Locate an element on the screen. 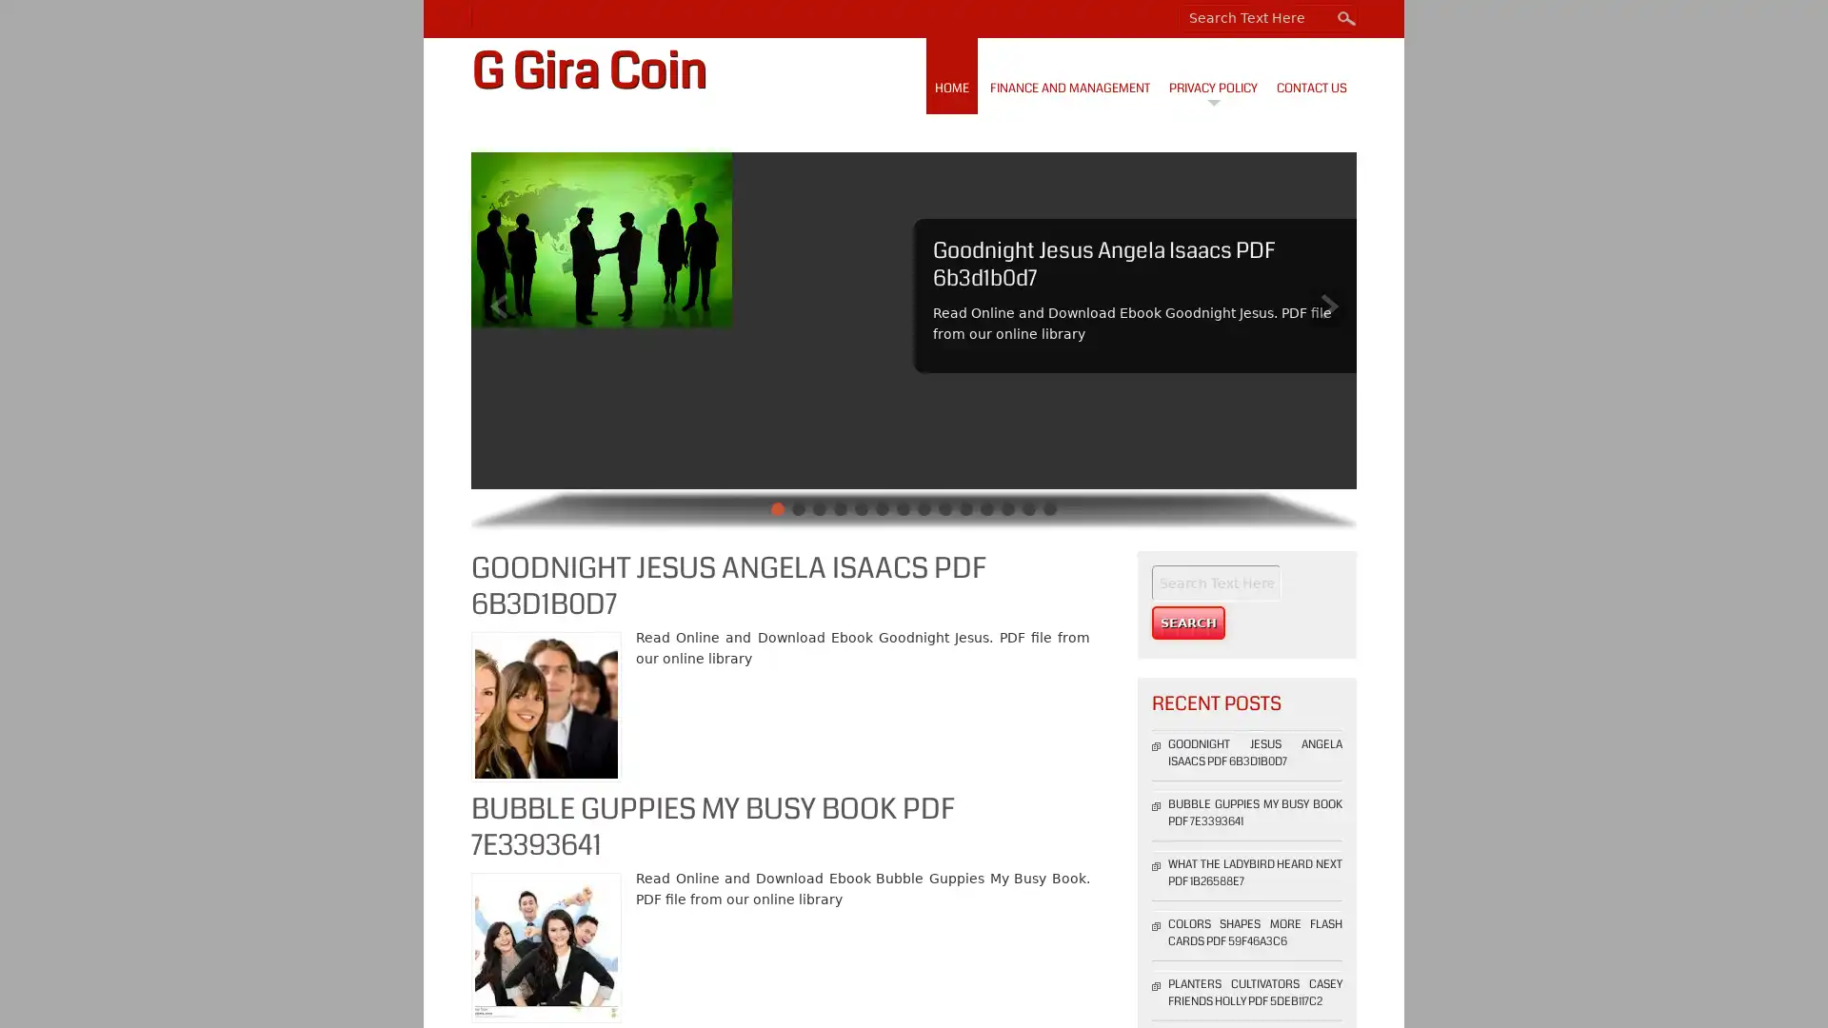 Image resolution: width=1828 pixels, height=1028 pixels. Search is located at coordinates (1187, 623).